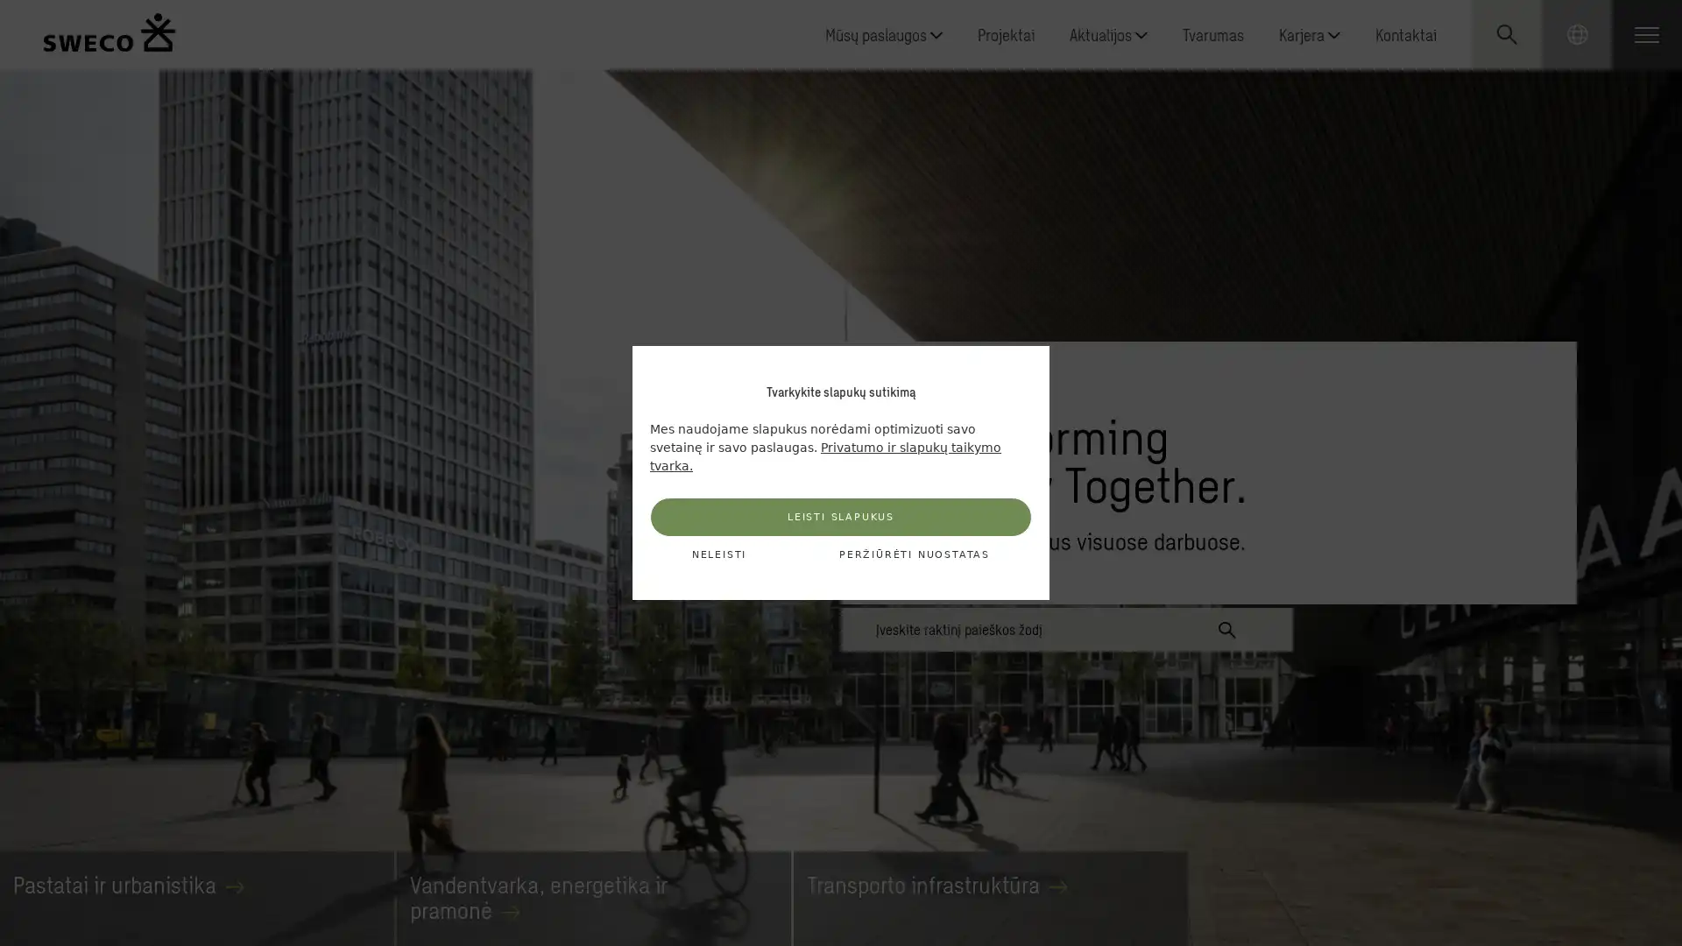  What do you see at coordinates (841, 516) in the screenshot?
I see `LEISTI SLAPUKUS` at bounding box center [841, 516].